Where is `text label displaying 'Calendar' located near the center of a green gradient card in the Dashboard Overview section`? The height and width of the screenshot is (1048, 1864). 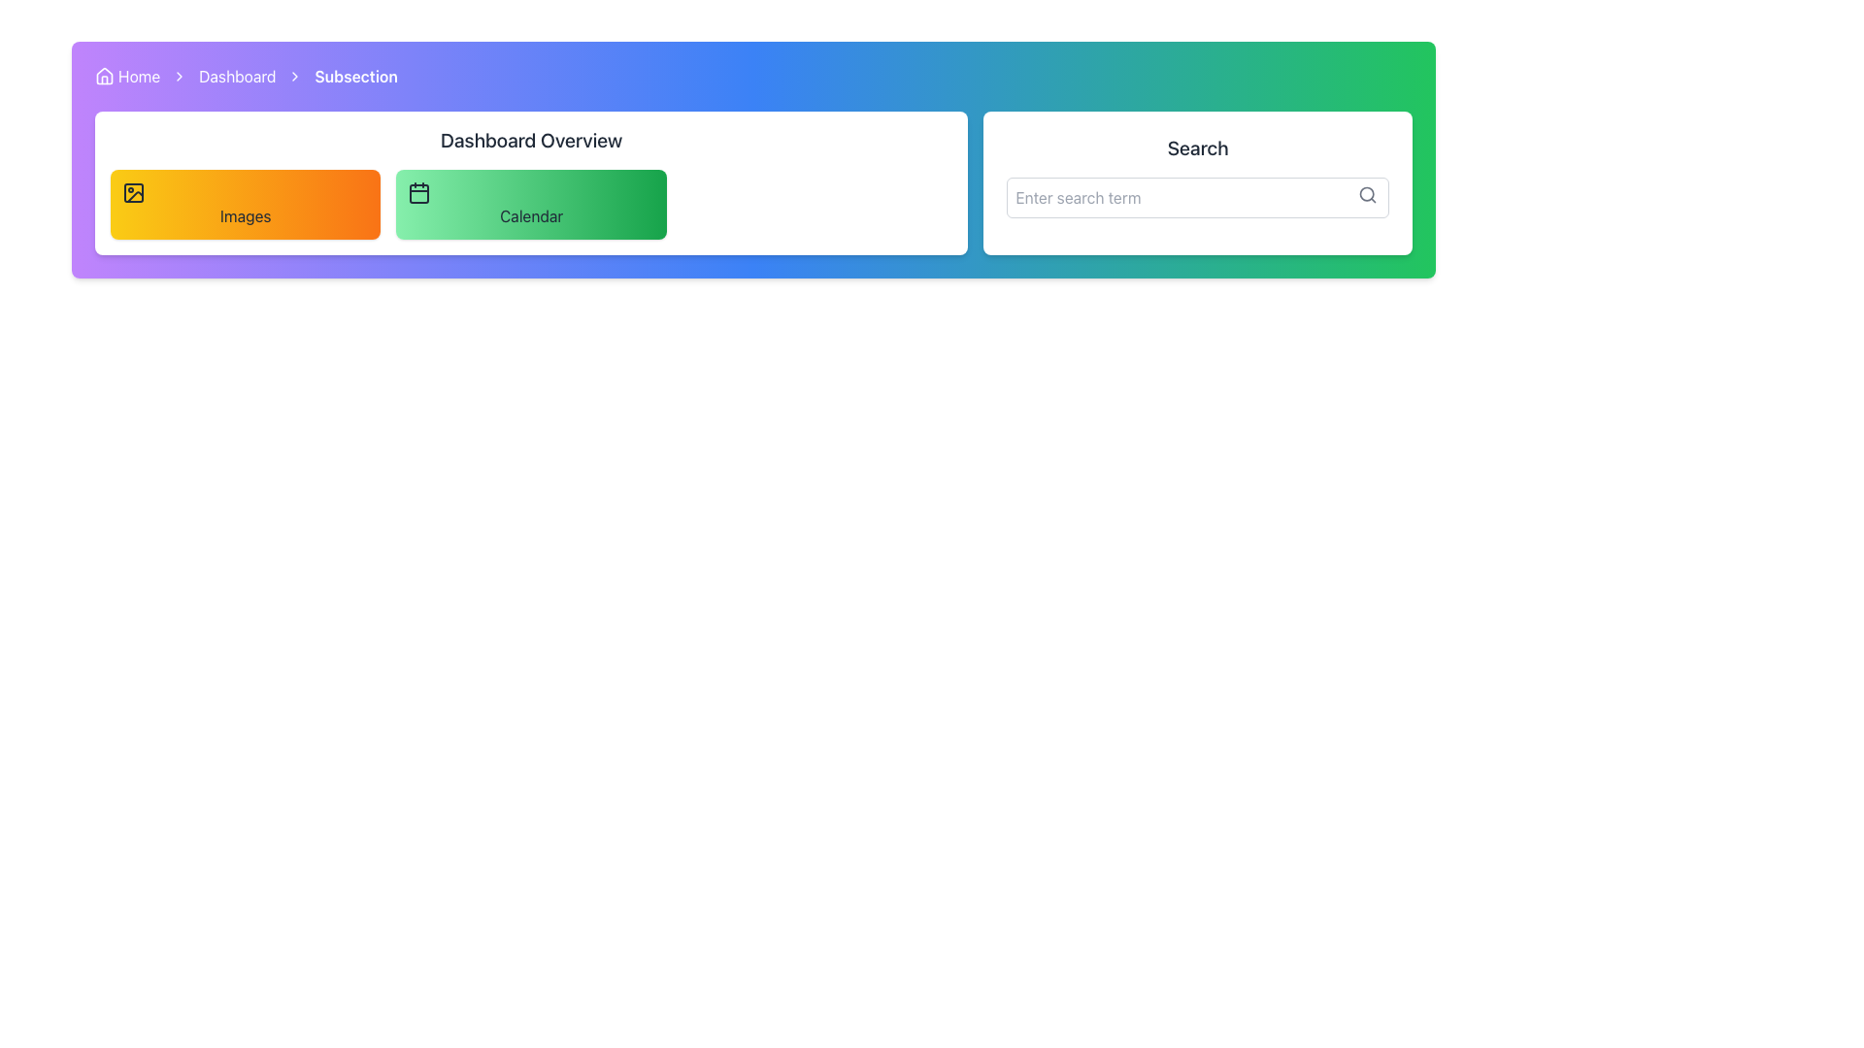
text label displaying 'Calendar' located near the center of a green gradient card in the Dashboard Overview section is located at coordinates (531, 216).